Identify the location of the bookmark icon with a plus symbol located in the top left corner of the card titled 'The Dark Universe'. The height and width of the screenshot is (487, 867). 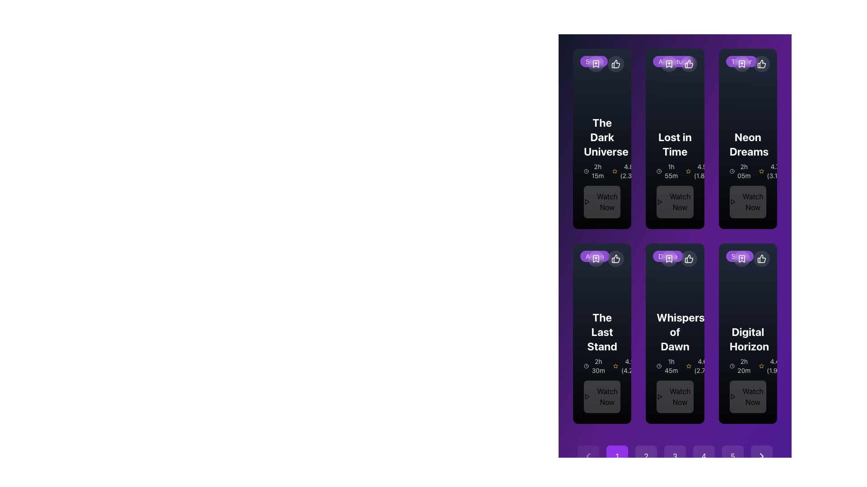
(596, 64).